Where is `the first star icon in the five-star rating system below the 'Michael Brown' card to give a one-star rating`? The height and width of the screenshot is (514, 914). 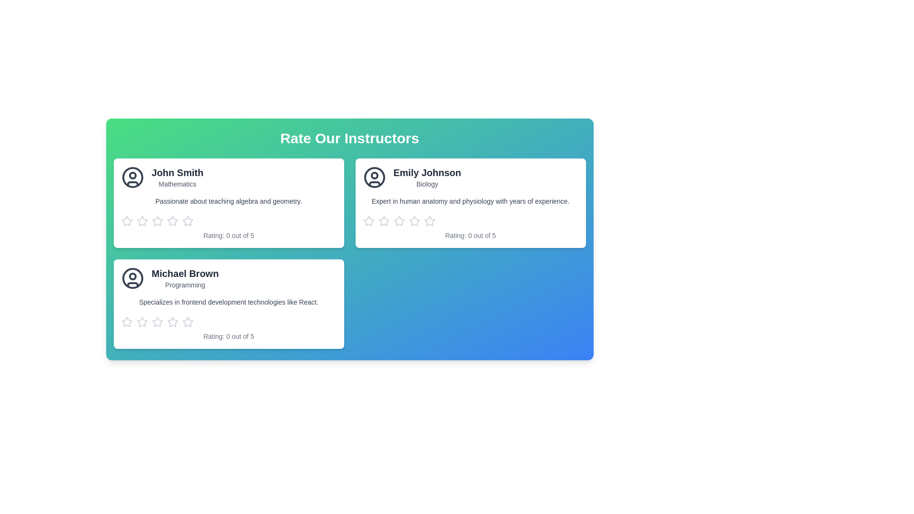 the first star icon in the five-star rating system below the 'Michael Brown' card to give a one-star rating is located at coordinates (141, 321).